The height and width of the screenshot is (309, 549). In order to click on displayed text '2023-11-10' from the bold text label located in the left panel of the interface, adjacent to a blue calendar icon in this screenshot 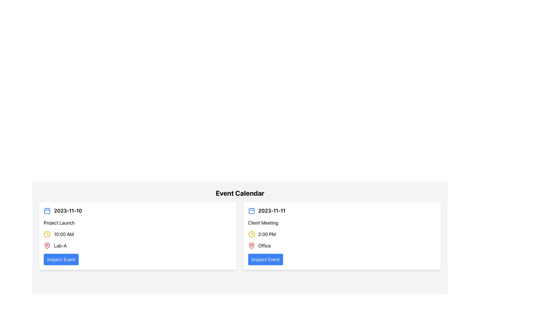, I will do `click(68, 211)`.